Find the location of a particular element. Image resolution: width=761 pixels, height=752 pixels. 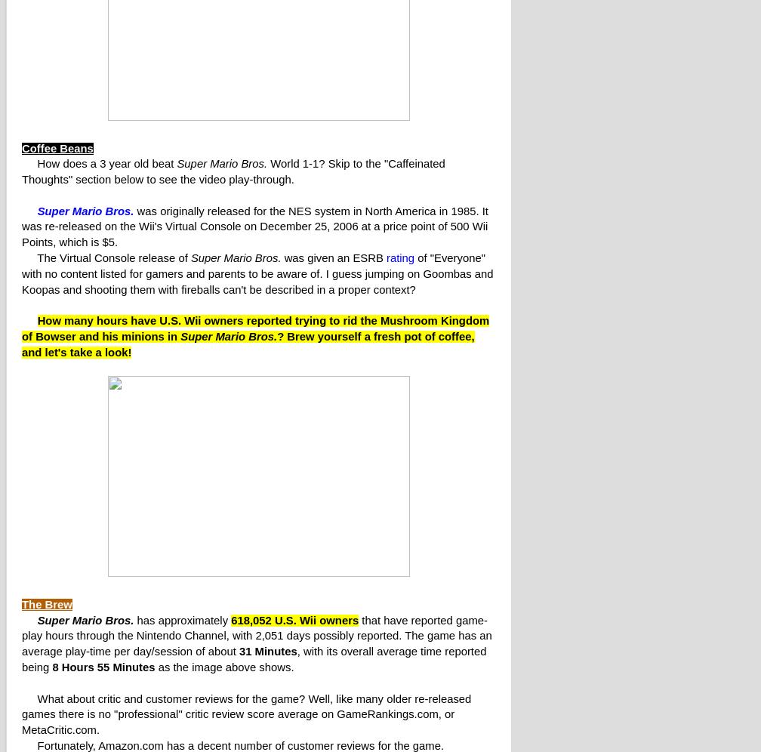

'was originally released for the NES system in North America in 1985. It was re-released on the Wii's Virtual Console on December 25, 2006 at a price point of 500 Wii Points, which is $5.' is located at coordinates (254, 225).